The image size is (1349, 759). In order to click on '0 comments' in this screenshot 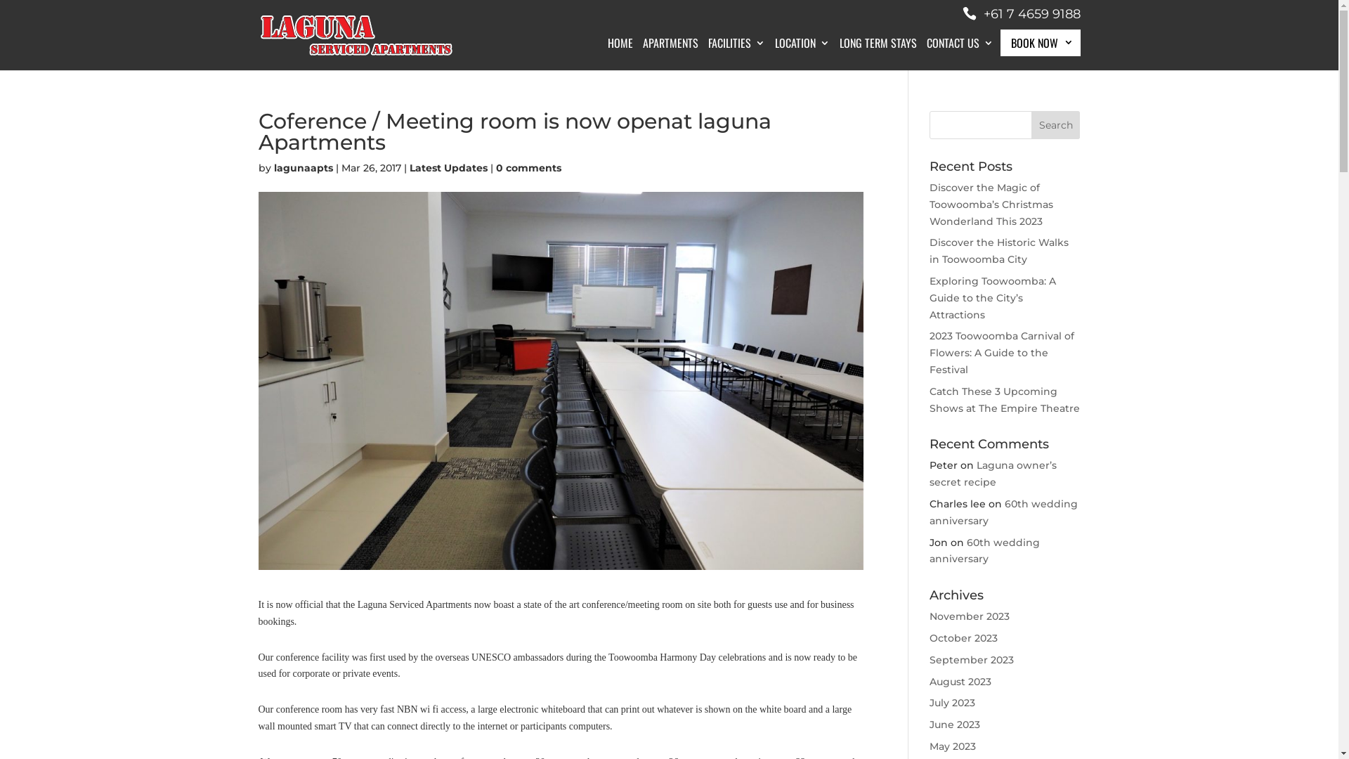, I will do `click(528, 167)`.